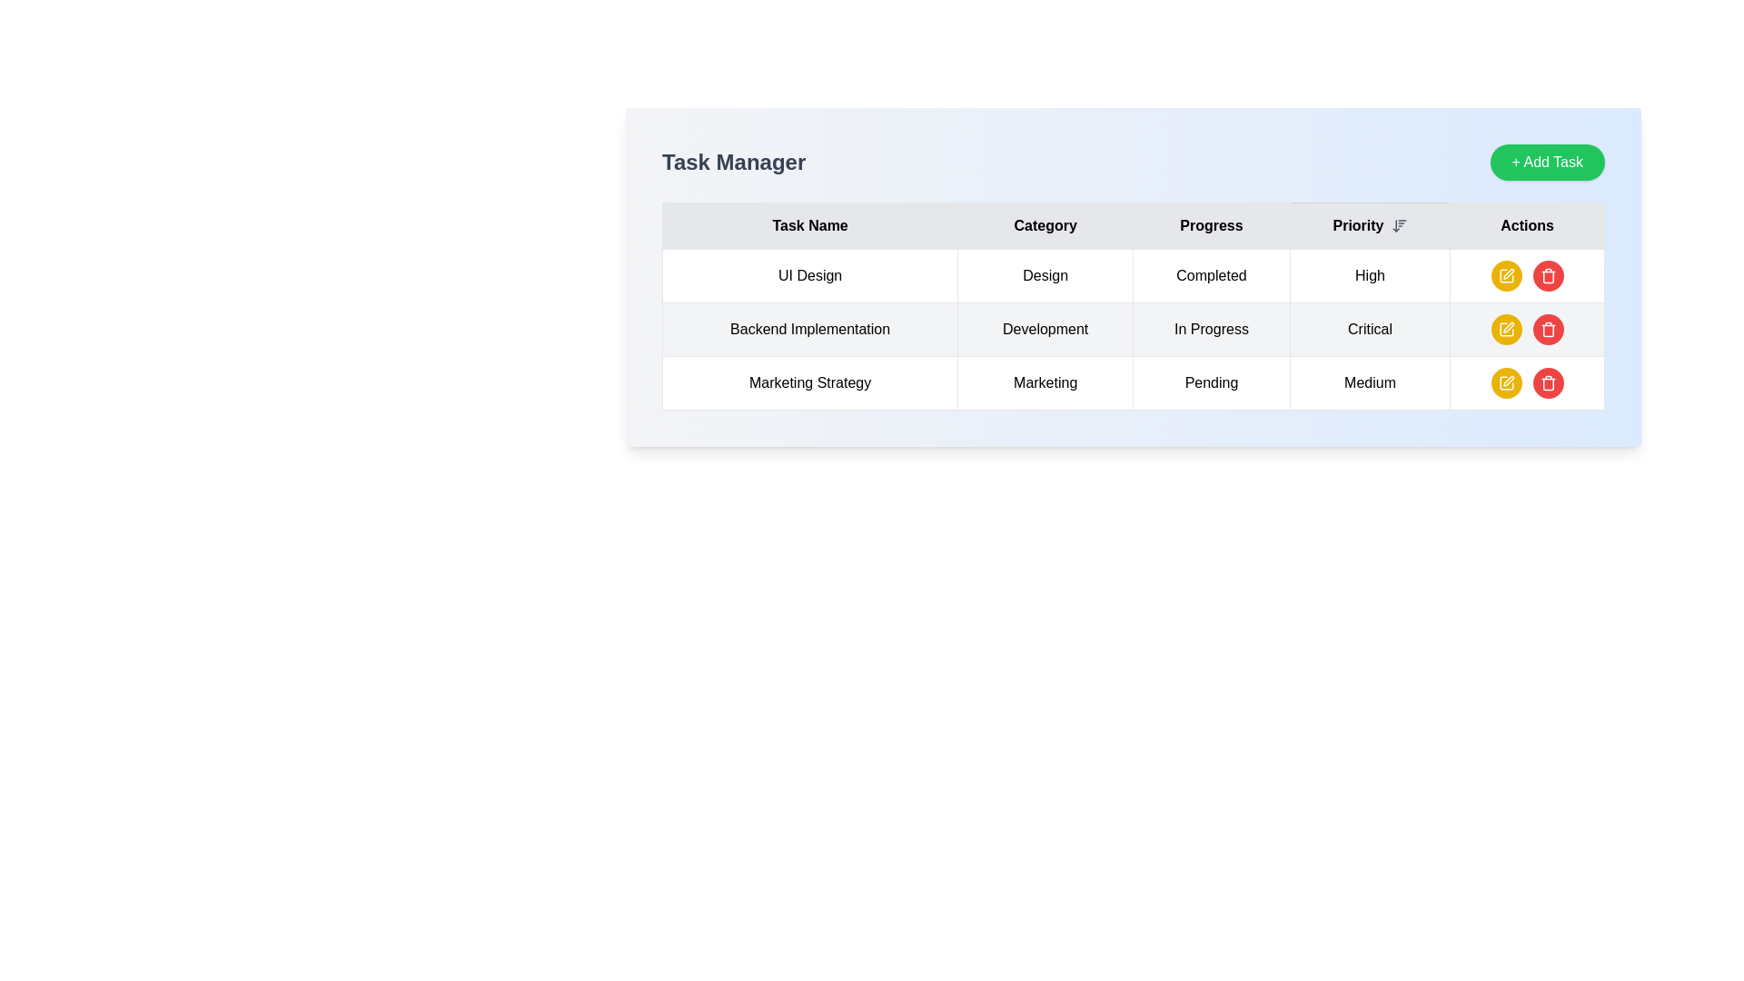 Image resolution: width=1744 pixels, height=981 pixels. I want to click on the 'Completed' status text label in the 'Progress' column of the first row of the table, associated with the task 'UI Design', so click(1212, 276).